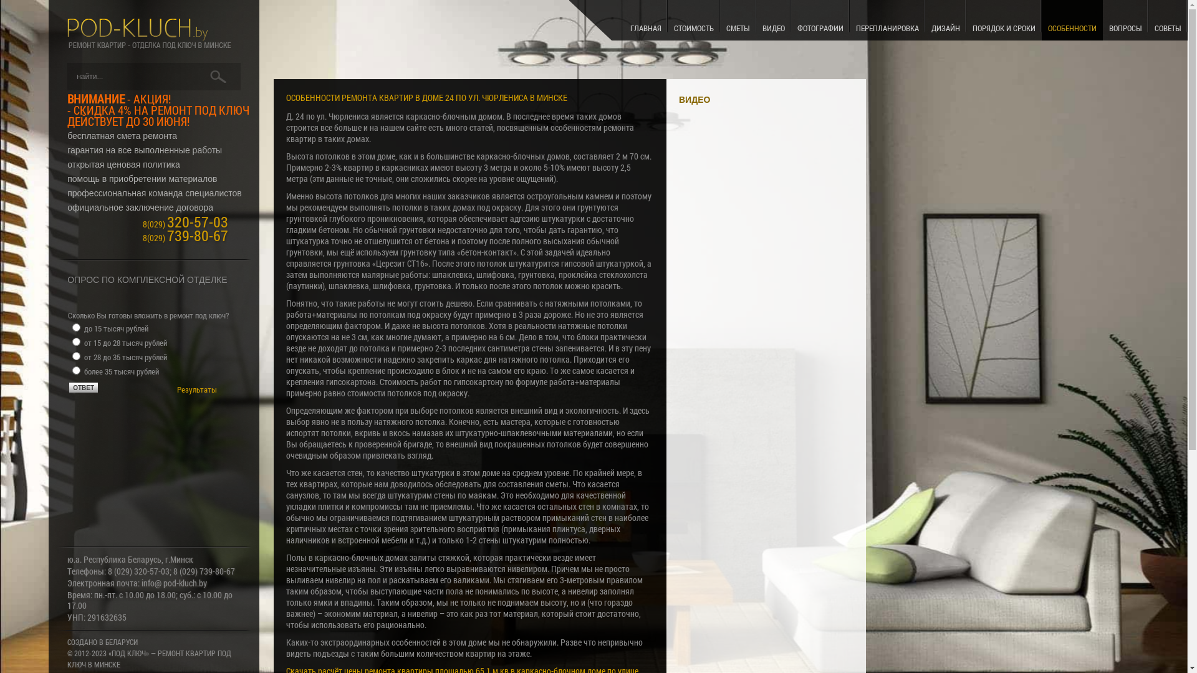 Image resolution: width=1197 pixels, height=673 pixels. I want to click on '8(029) 739-80-67', so click(185, 237).